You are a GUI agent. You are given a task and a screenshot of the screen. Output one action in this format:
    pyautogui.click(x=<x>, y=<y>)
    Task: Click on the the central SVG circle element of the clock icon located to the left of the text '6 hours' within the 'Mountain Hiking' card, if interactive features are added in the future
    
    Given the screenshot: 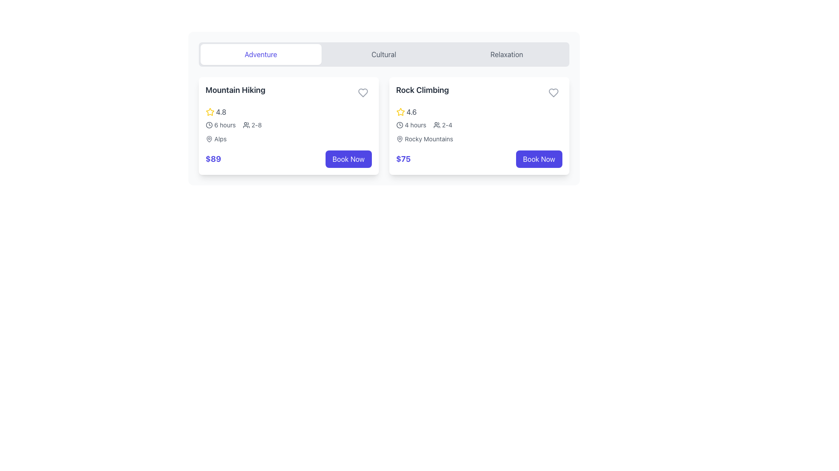 What is the action you would take?
    pyautogui.click(x=208, y=125)
    